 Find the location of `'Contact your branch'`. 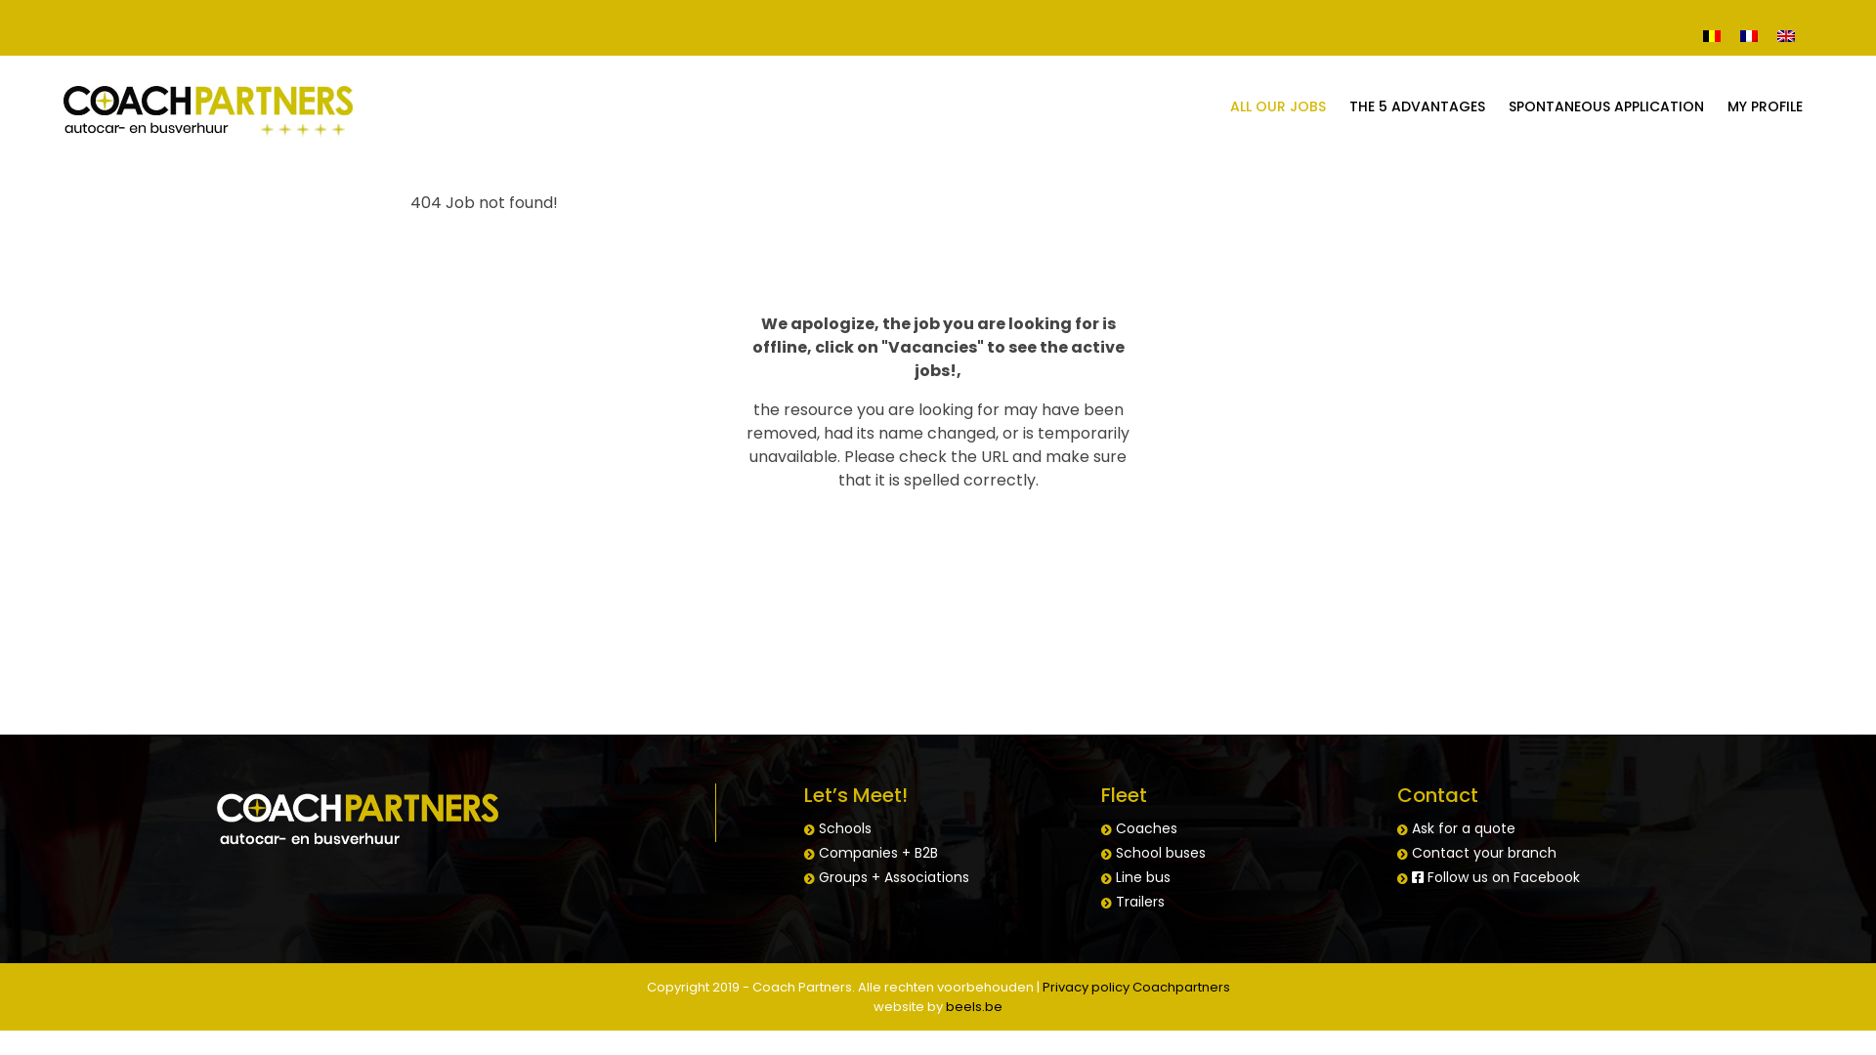

'Contact your branch' is located at coordinates (1483, 851).